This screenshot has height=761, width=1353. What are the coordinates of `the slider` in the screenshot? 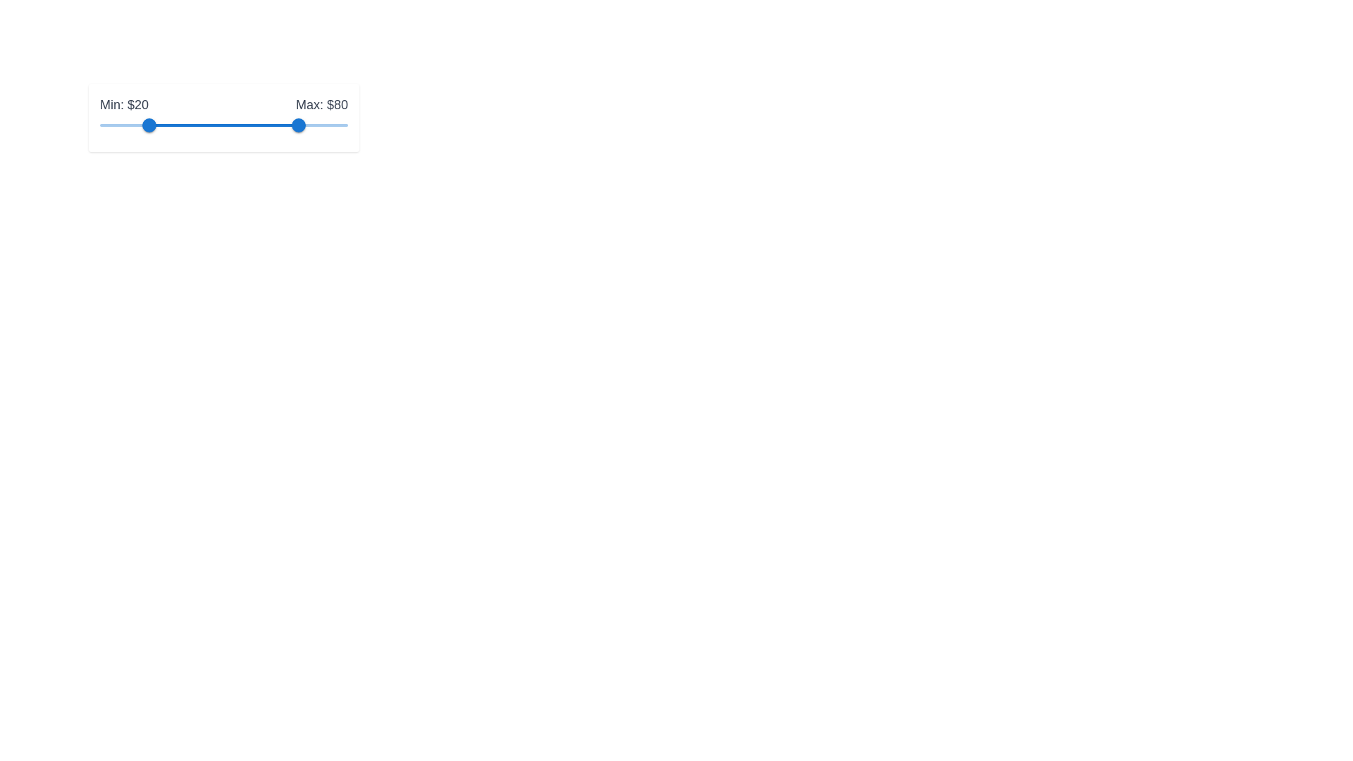 It's located at (210, 124).